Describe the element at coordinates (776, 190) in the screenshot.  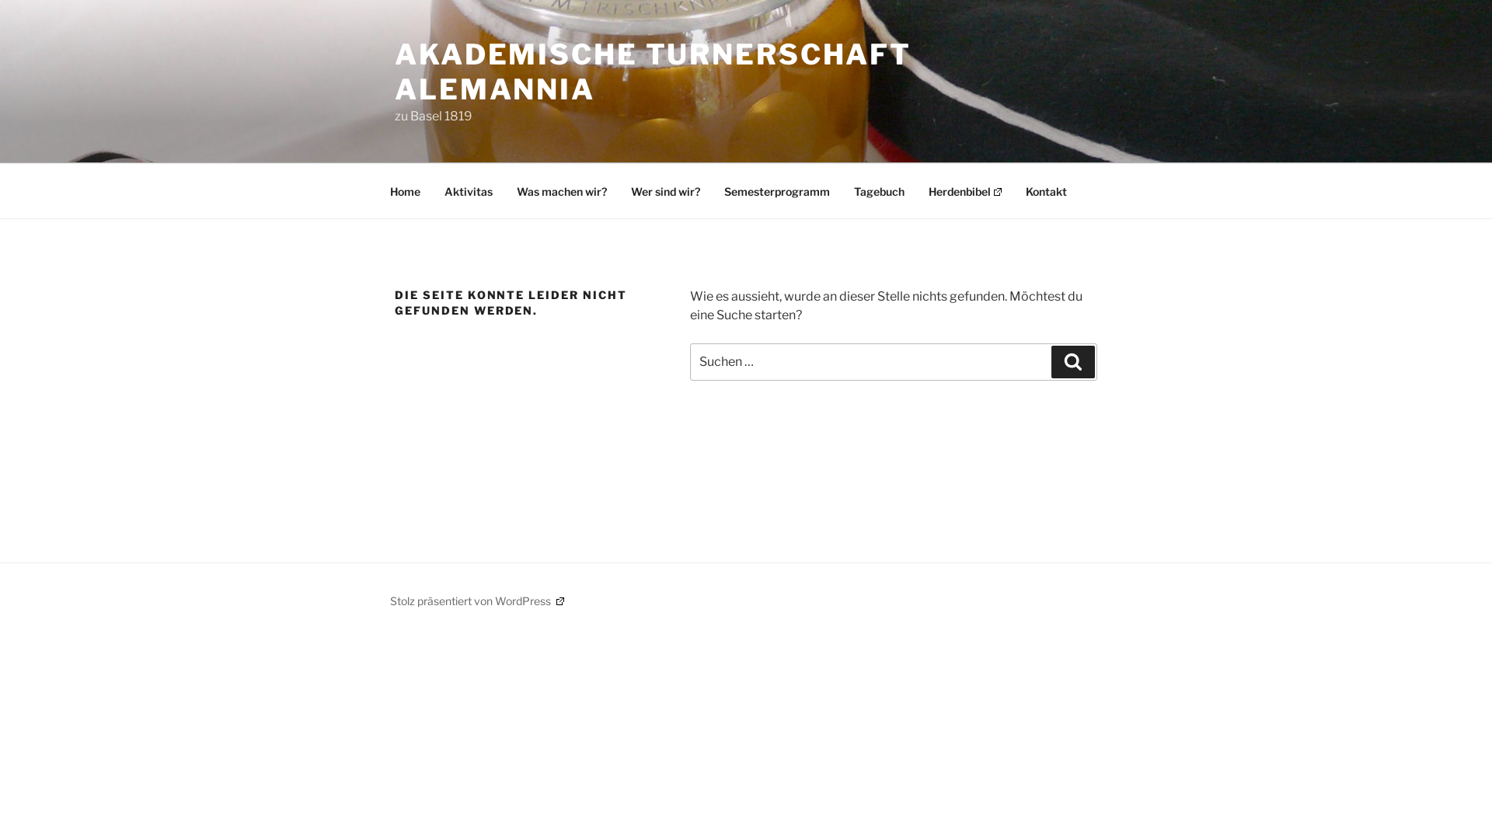
I see `'Semesterprogramm'` at that location.